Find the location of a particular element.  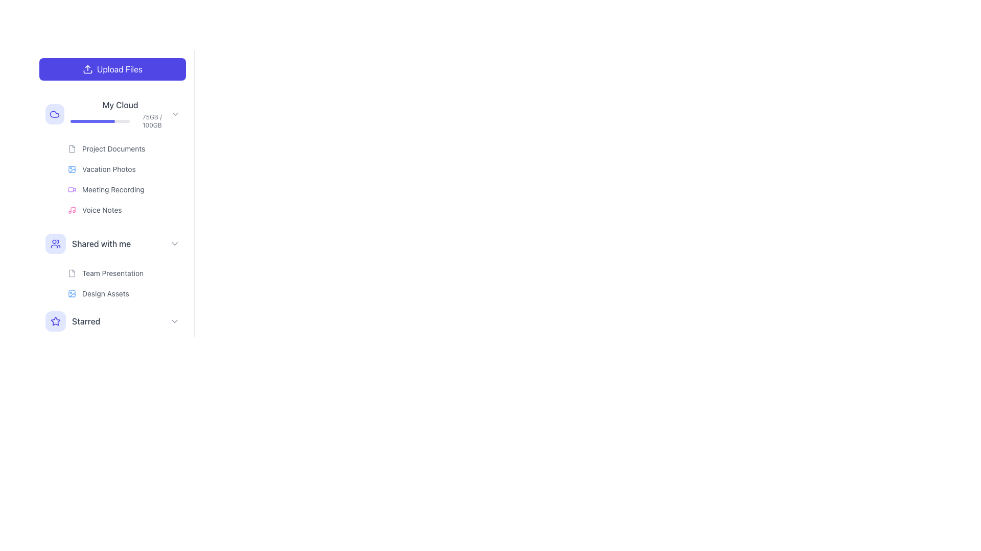

to select the file entry labeled 'Project Documents' with the size '2.4GB' in the 'My Cloud' section is located at coordinates (124, 149).